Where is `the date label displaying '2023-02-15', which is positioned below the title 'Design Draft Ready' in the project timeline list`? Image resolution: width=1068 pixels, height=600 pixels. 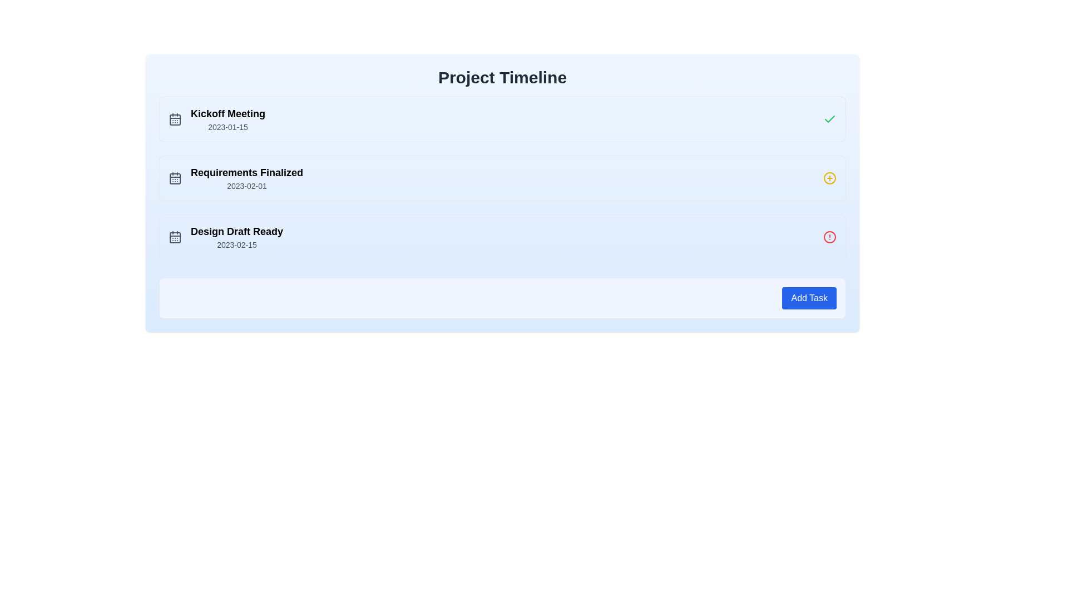
the date label displaying '2023-02-15', which is positioned below the title 'Design Draft Ready' in the project timeline list is located at coordinates (236, 244).